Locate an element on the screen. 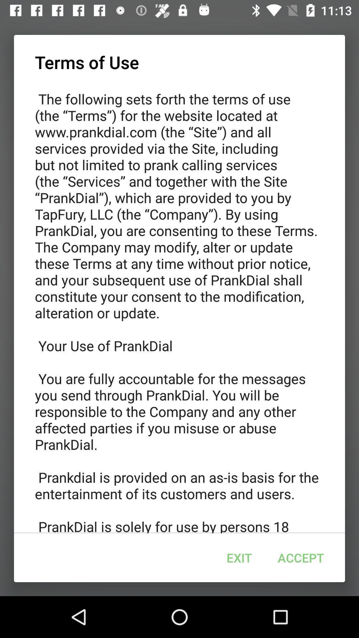 This screenshot has height=638, width=359. the item to the right of exit icon is located at coordinates (301, 558).